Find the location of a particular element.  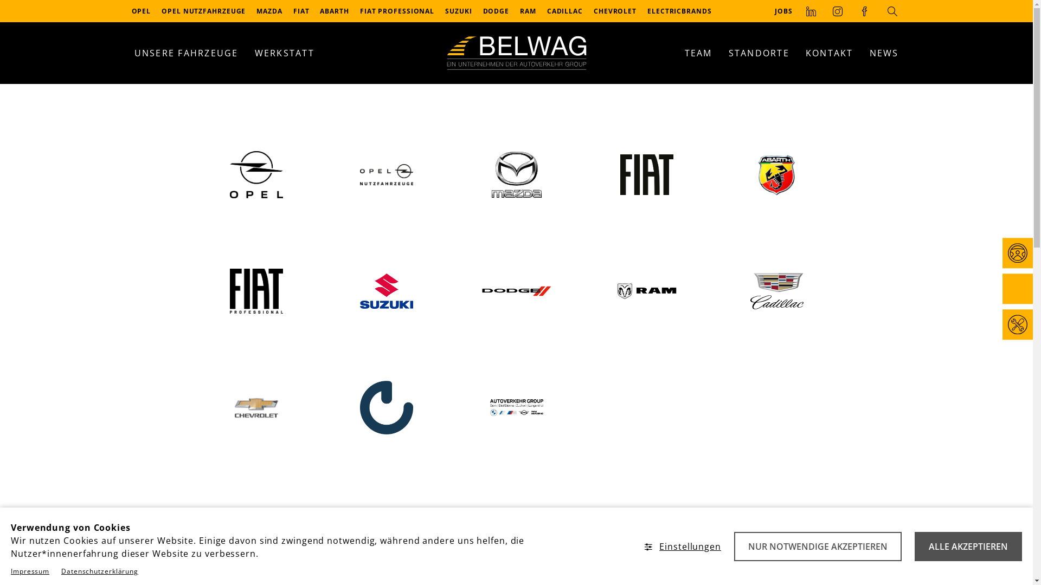

'OPEL NUTZFAHRZEUGE' is located at coordinates (203, 11).